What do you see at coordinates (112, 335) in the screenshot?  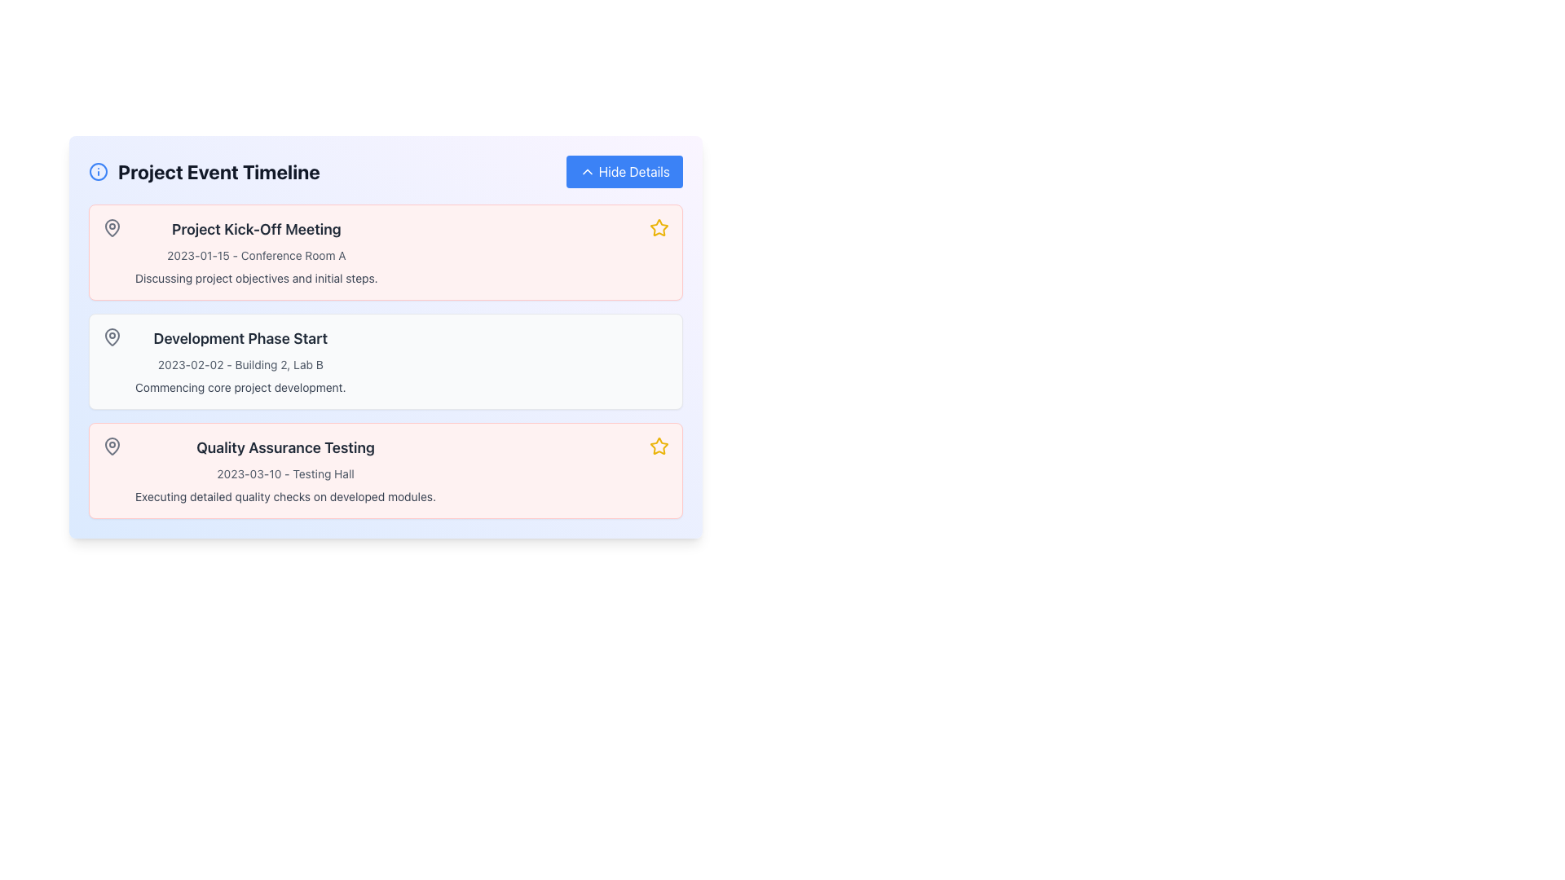 I see `the map pin icon that visually depicts the association of the event 'Development Phase Start', located to the left of the second event item in the list` at bounding box center [112, 335].